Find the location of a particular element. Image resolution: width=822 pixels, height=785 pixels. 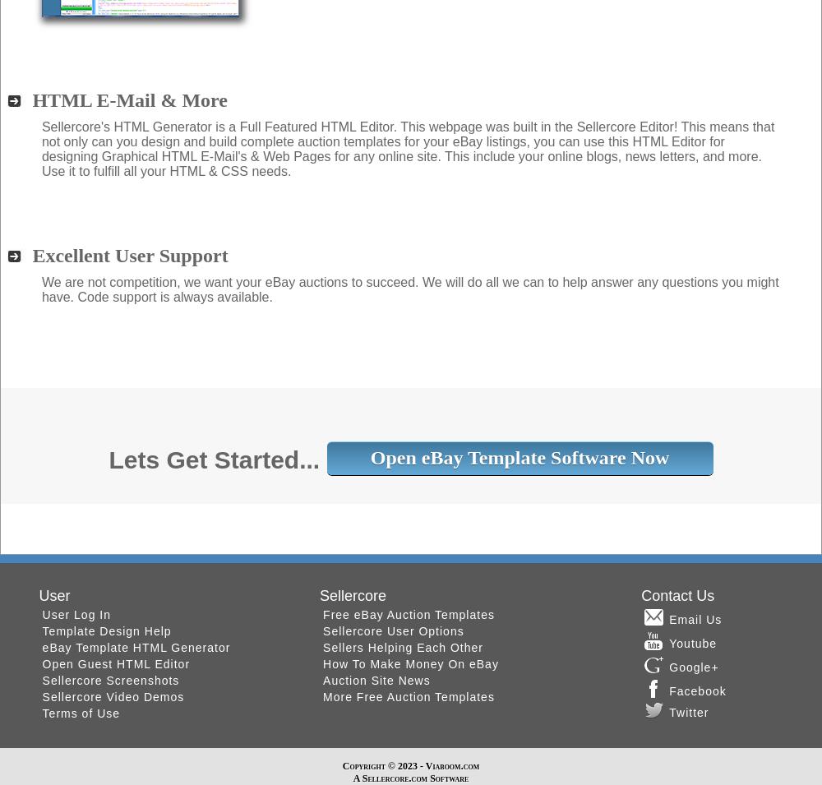

'Open eBay Template Software Now' is located at coordinates (520, 457).